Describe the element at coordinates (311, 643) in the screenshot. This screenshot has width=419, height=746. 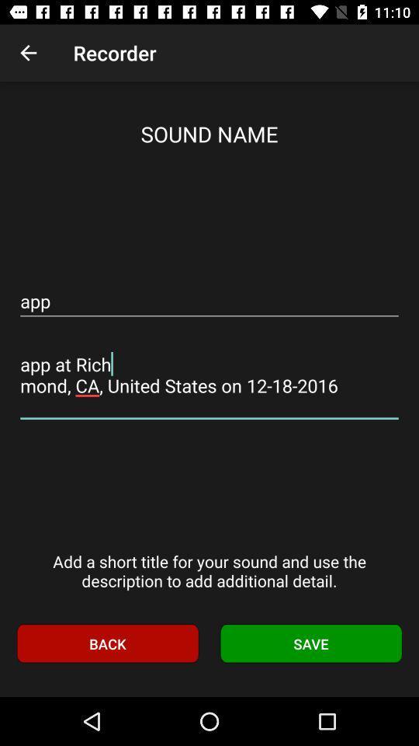
I see `item at the bottom right corner` at that location.